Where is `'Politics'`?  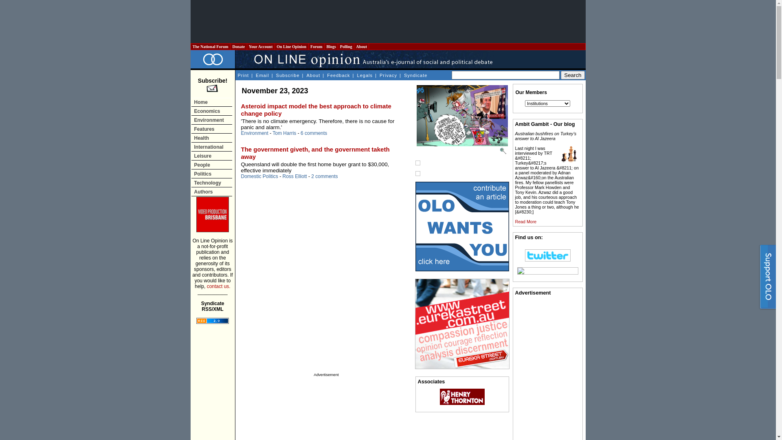 'Politics' is located at coordinates (211, 173).